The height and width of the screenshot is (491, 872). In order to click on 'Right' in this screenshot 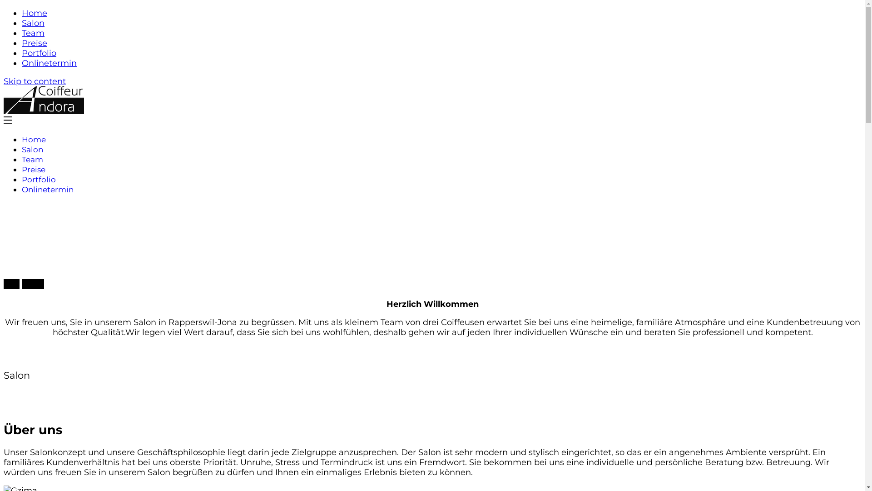, I will do `click(33, 283)`.